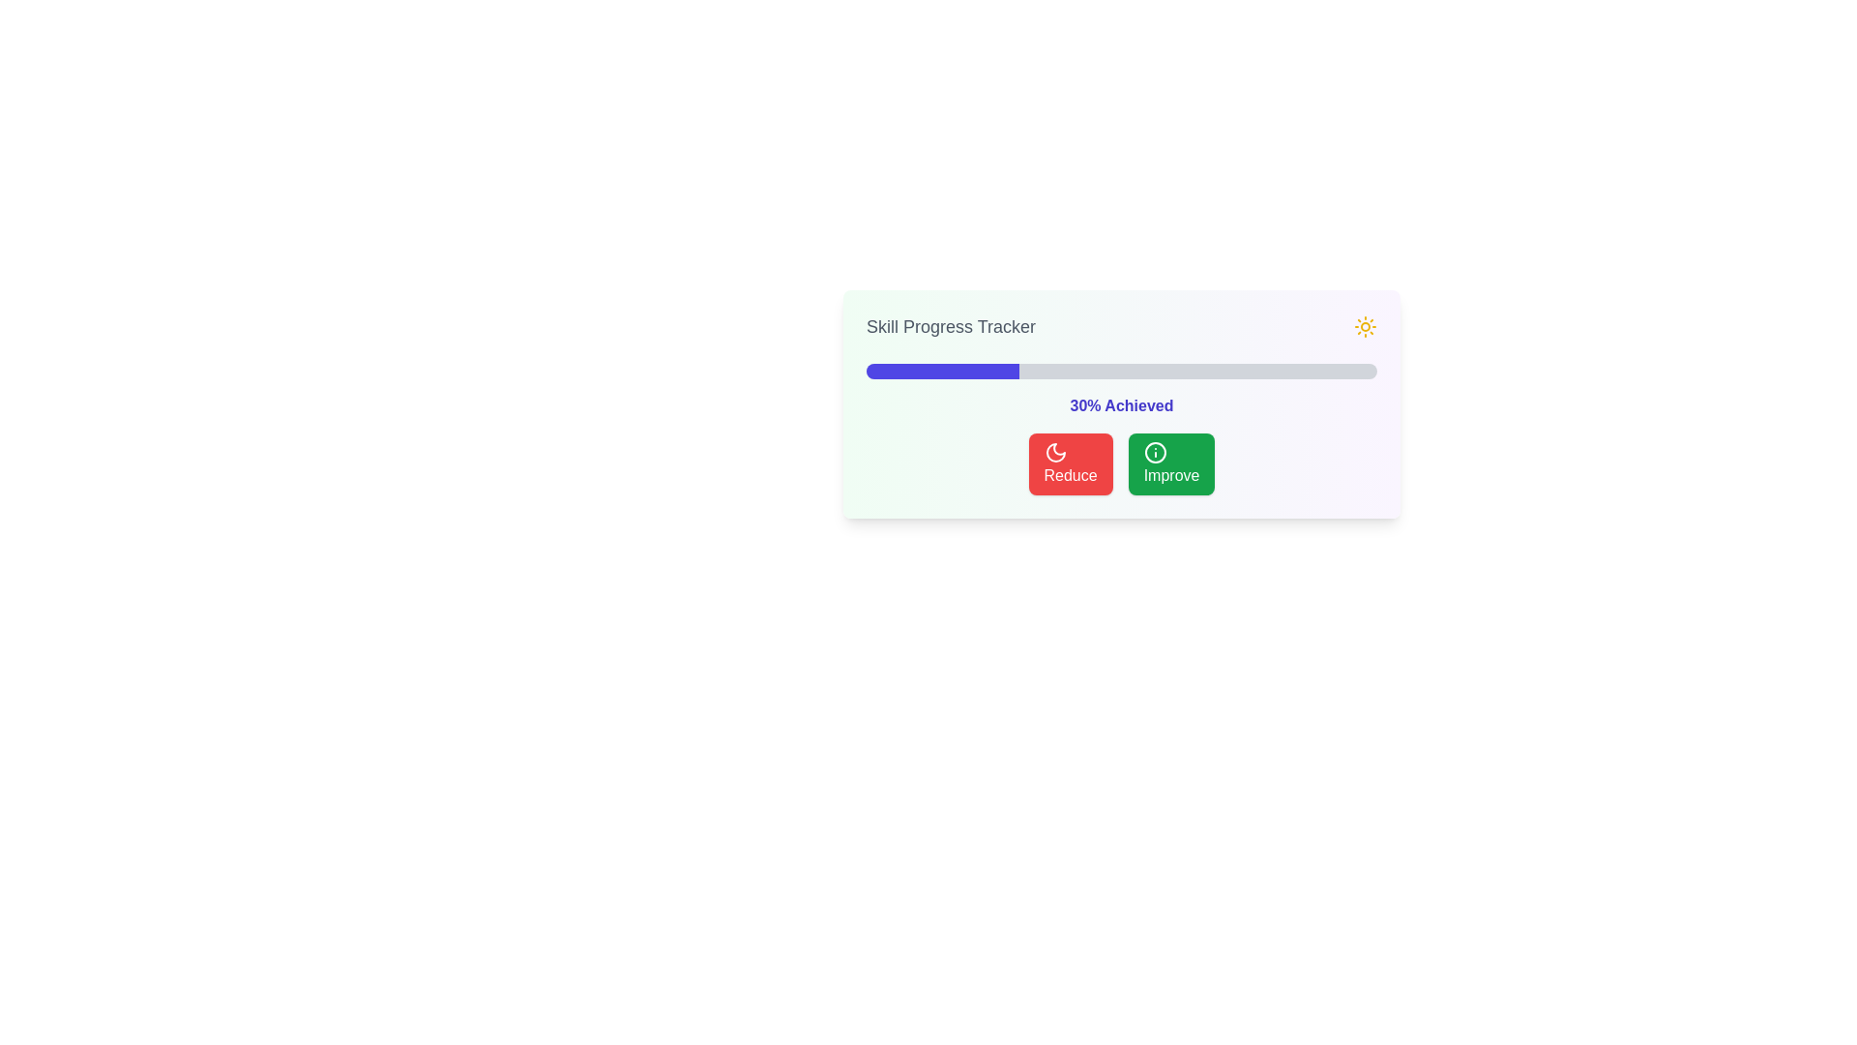 Image resolution: width=1857 pixels, height=1045 pixels. Describe the element at coordinates (1054, 452) in the screenshot. I see `the crescent moon SVG icon within the 'Reduce' button located at the bottom-left of the card UI element` at that location.